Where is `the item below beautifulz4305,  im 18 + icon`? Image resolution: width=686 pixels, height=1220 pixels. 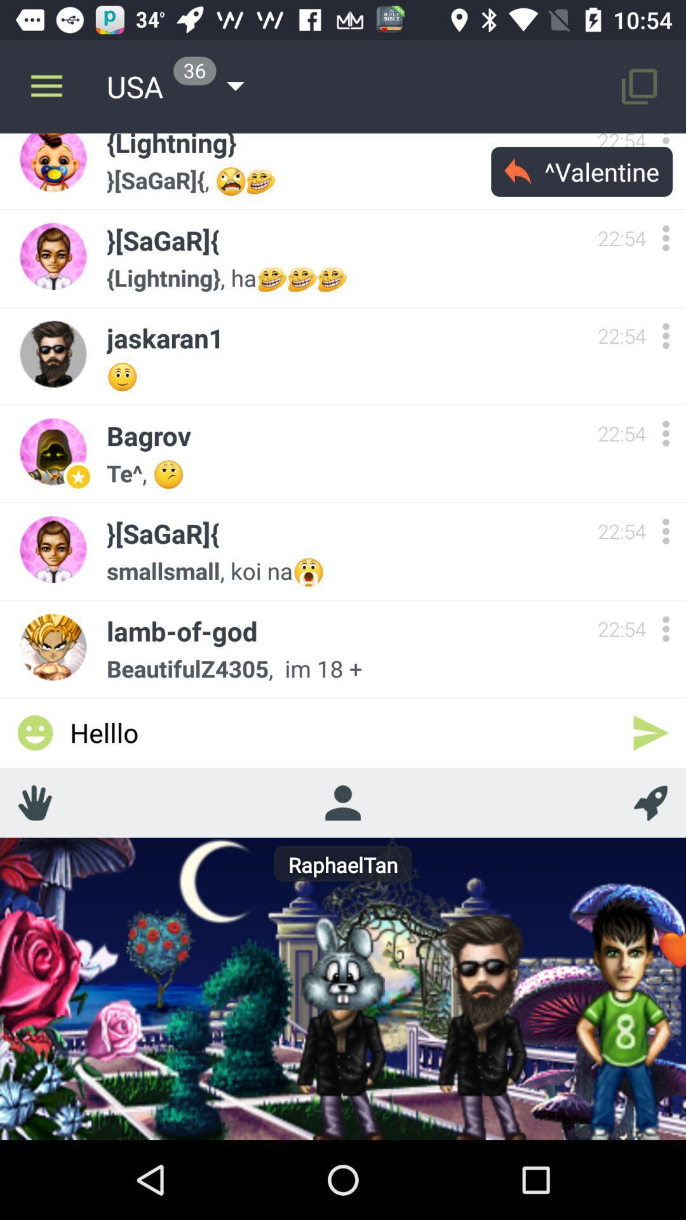
the item below beautifulz4305,  im 18 + icon is located at coordinates (343, 732).